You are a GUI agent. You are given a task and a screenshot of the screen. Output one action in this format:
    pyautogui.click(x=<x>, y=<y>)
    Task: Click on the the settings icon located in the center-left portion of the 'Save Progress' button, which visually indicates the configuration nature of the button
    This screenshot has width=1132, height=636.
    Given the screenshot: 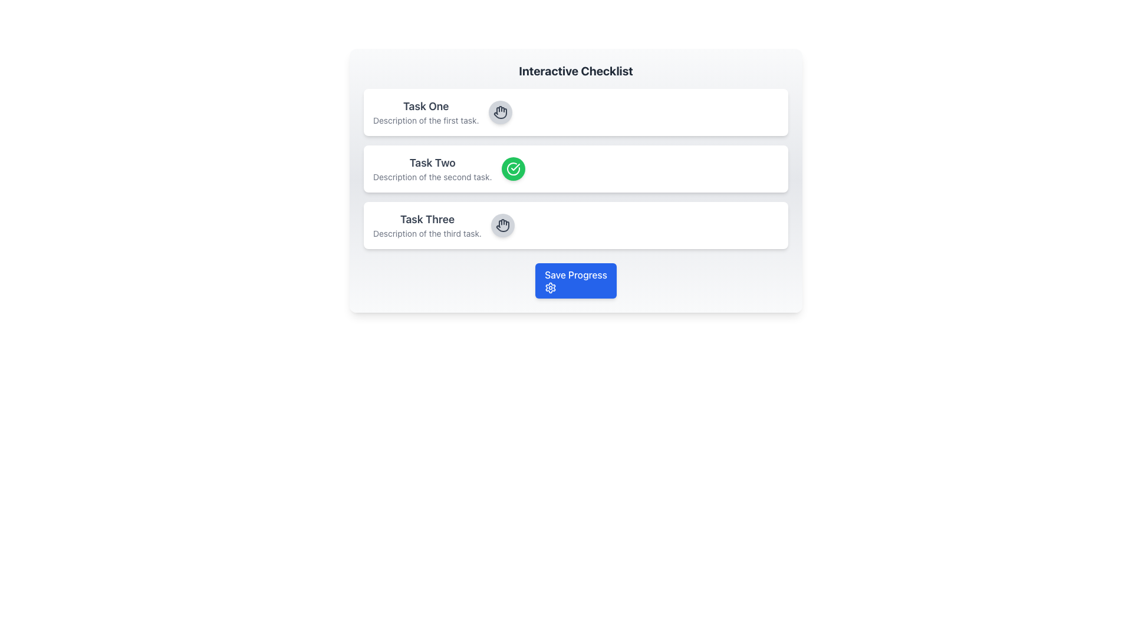 What is the action you would take?
    pyautogui.click(x=550, y=288)
    